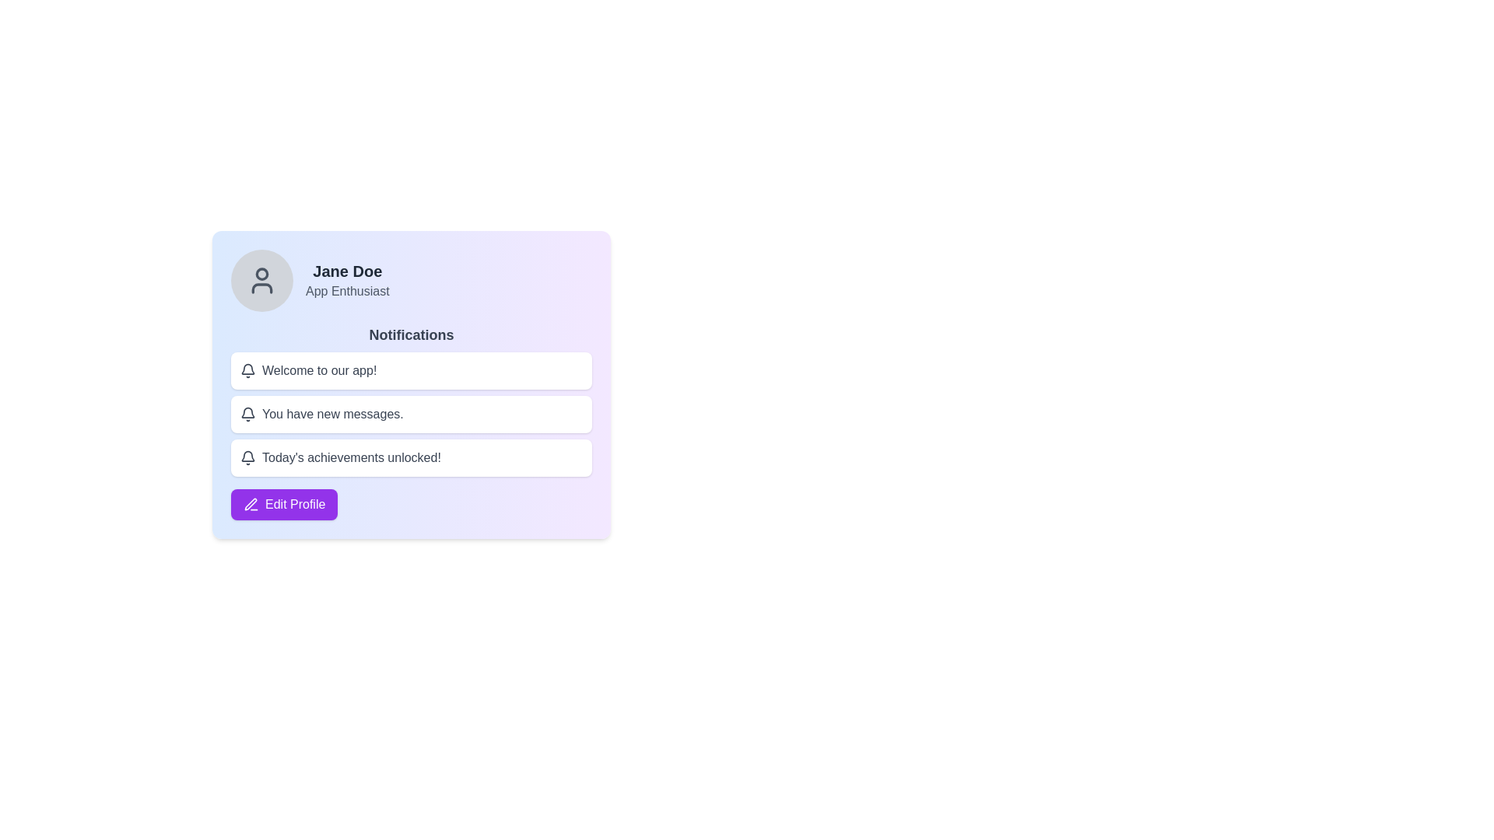  Describe the element at coordinates (261, 272) in the screenshot. I see `the graphical depiction of the head in the user silhouette icon, which is part of an SVG graphic structure and located in the top-half region of the icon` at that location.